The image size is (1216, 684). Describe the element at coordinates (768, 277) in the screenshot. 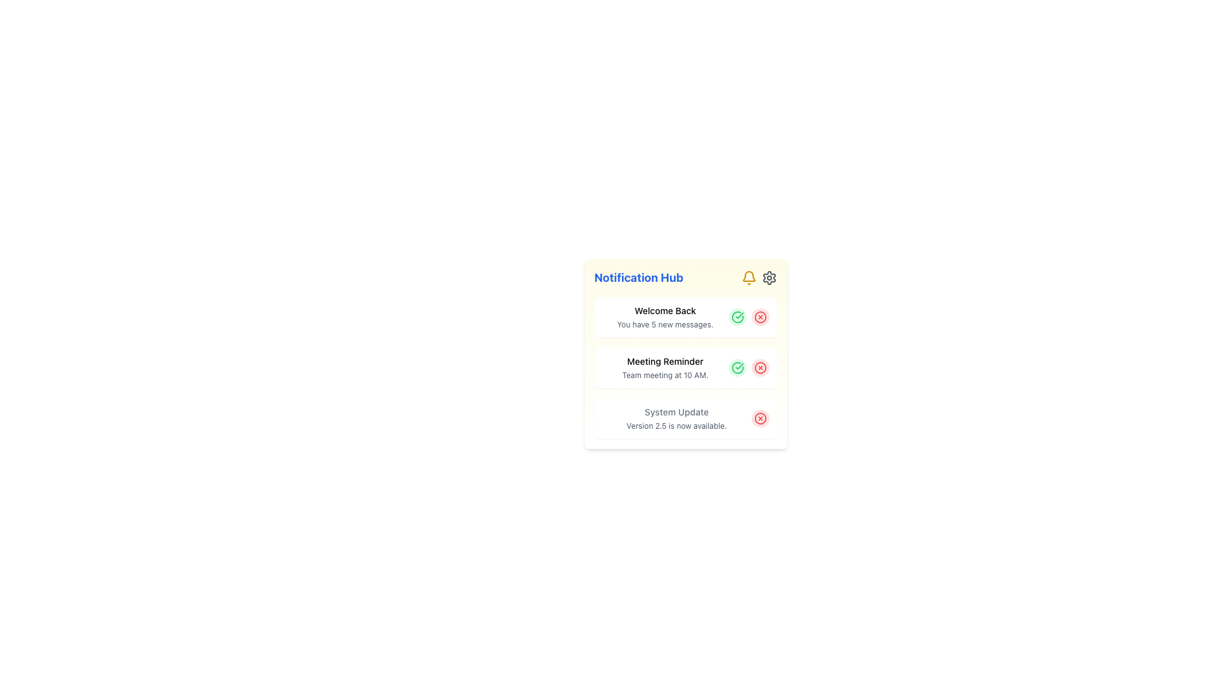

I see `the settings icon located in the top right corner of the Notification Hub` at that location.